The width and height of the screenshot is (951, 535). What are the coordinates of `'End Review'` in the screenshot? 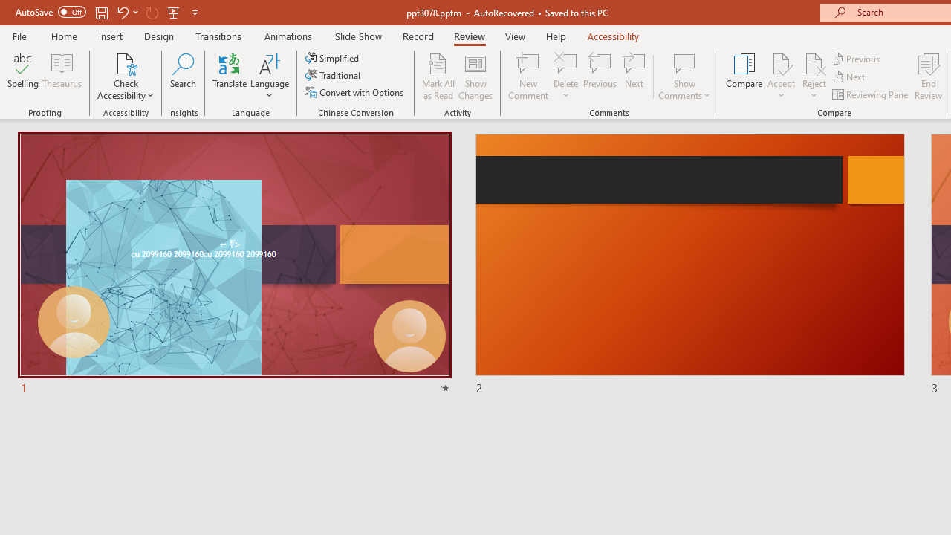 It's located at (927, 77).